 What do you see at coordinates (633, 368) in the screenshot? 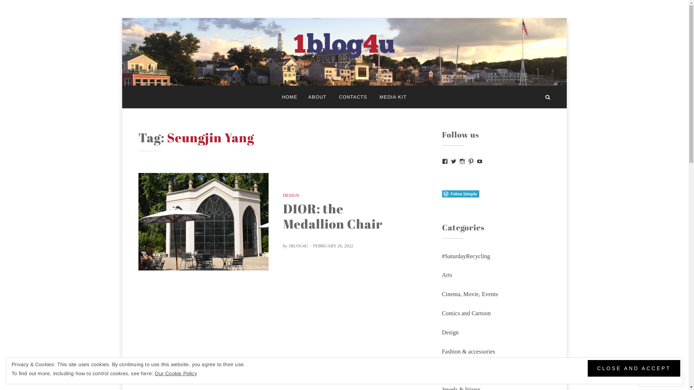
I see `'Close and accept'` at bounding box center [633, 368].